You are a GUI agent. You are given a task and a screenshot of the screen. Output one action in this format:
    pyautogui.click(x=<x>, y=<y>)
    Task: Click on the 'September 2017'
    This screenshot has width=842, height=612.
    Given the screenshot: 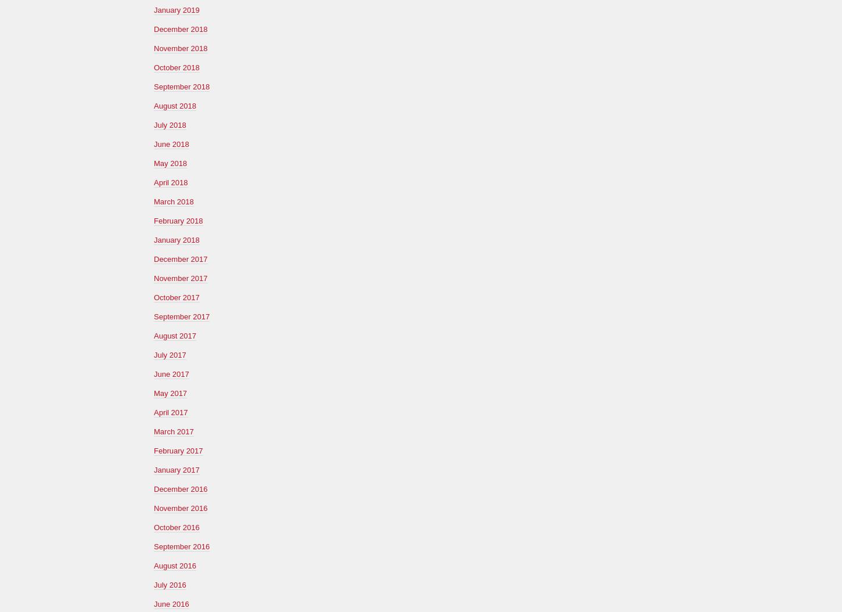 What is the action you would take?
    pyautogui.click(x=154, y=316)
    